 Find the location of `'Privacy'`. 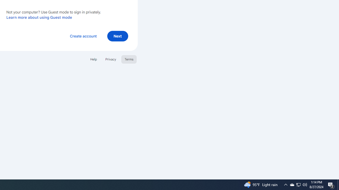

'Privacy' is located at coordinates (110, 59).